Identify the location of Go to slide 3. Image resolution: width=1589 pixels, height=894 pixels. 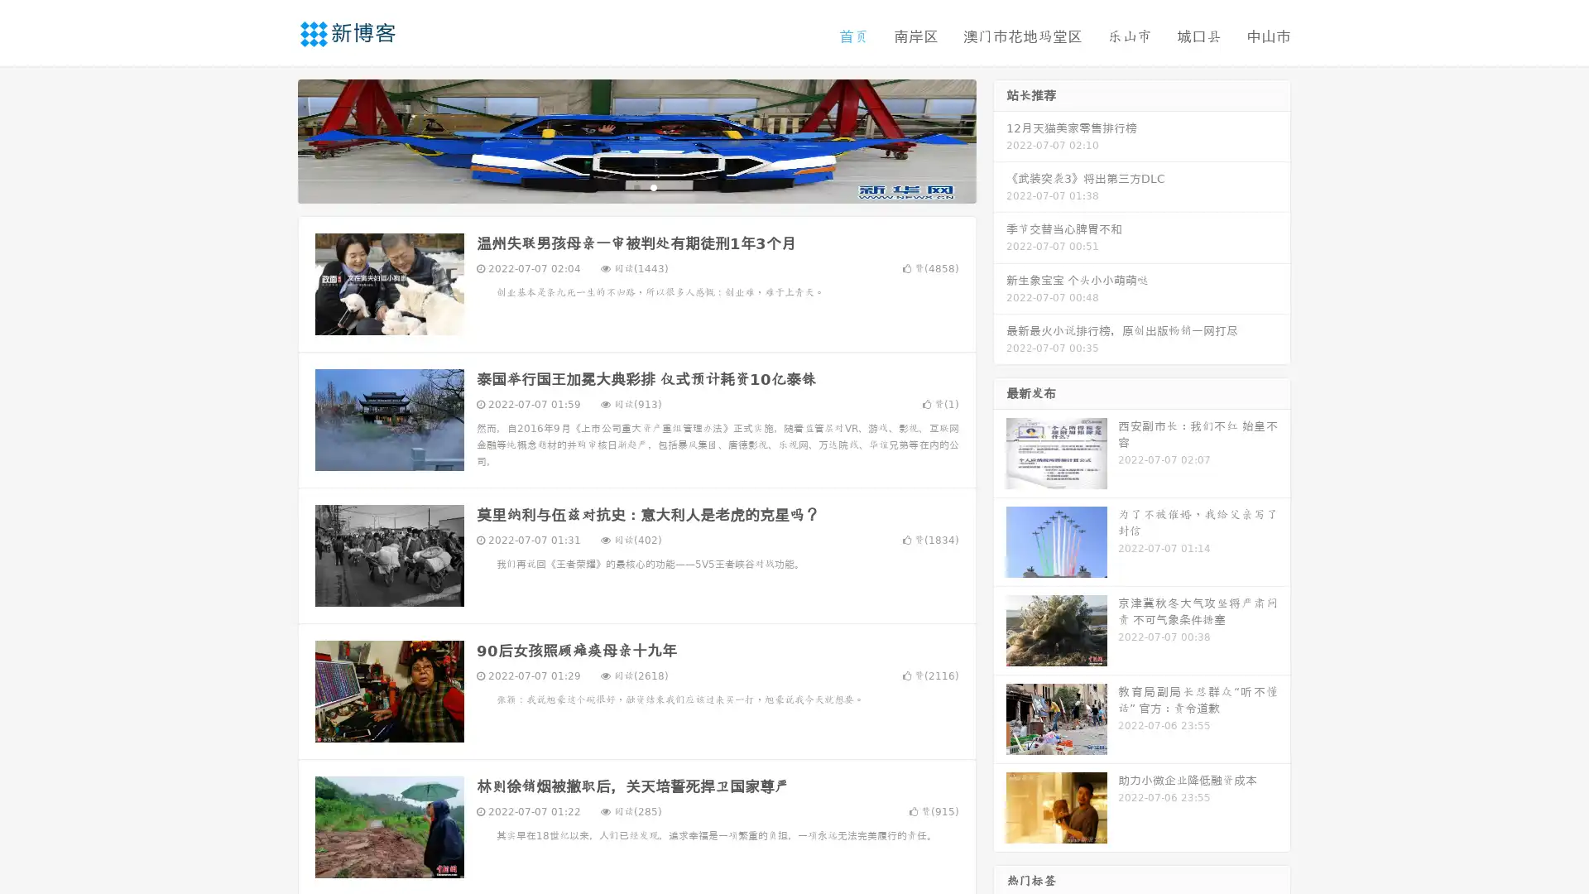
(653, 186).